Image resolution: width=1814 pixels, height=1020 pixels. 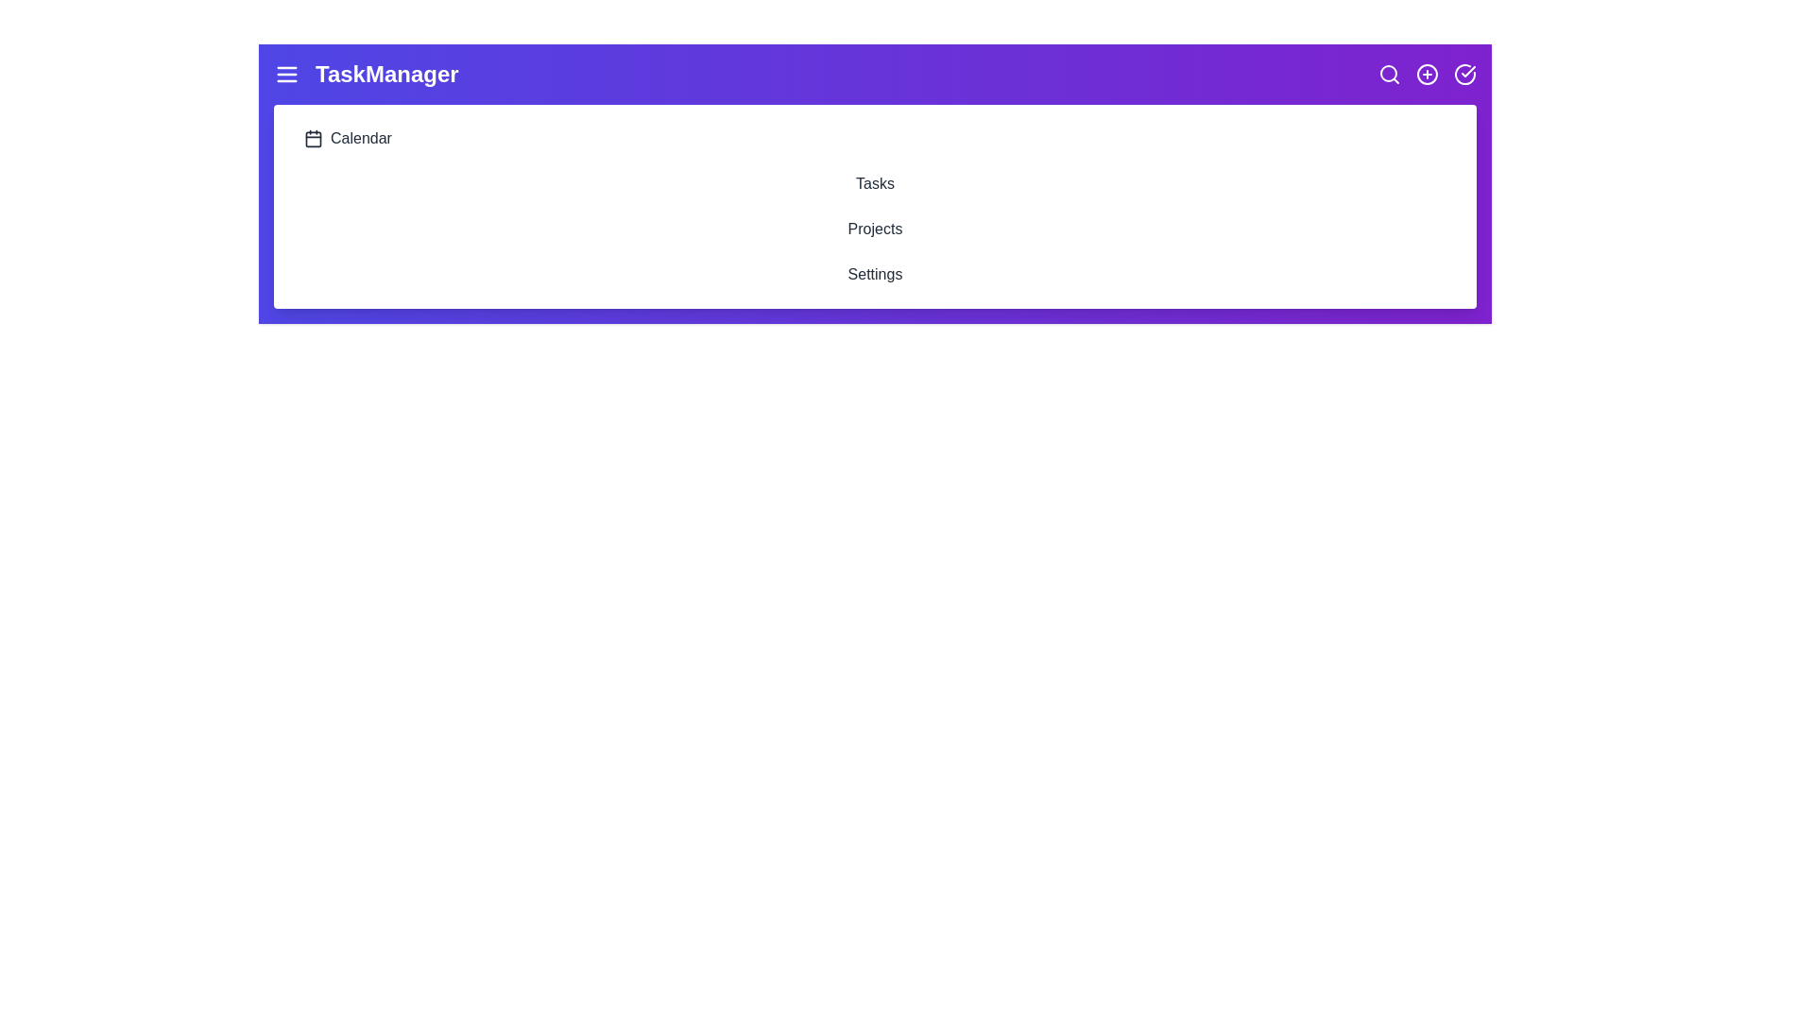 I want to click on the 'Tasks' list item in the menu to navigate to the Tasks section, so click(x=874, y=184).